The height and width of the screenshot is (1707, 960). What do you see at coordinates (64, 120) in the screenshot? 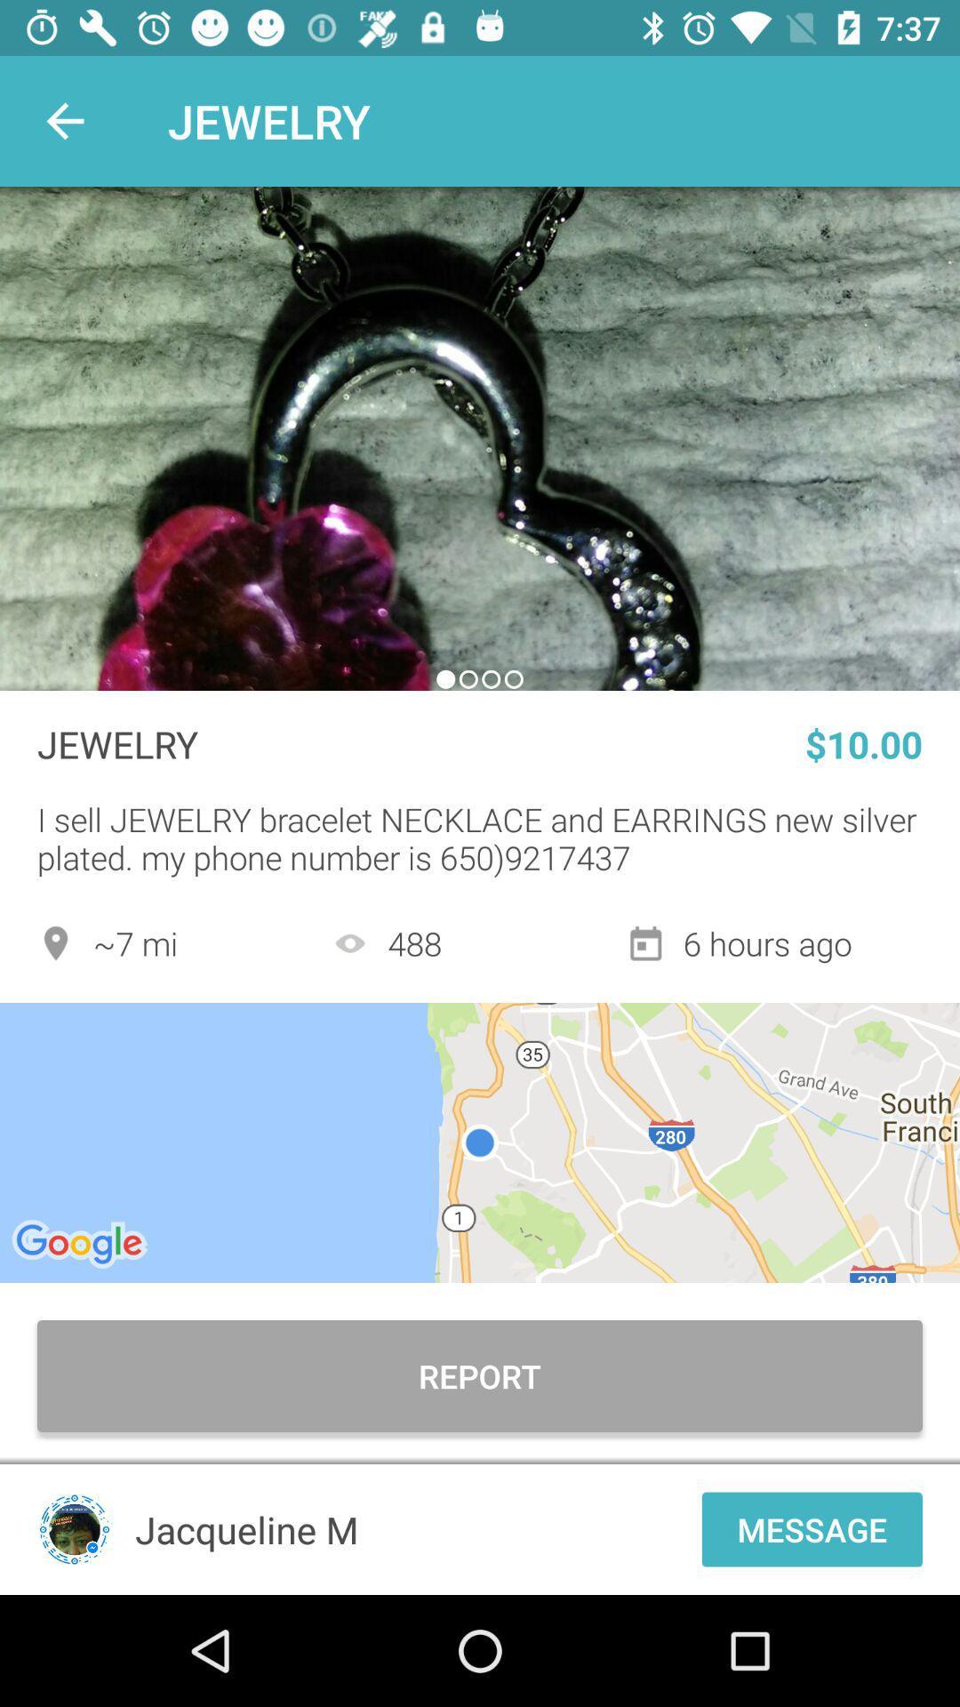
I see `item to the left of jewelry app` at bounding box center [64, 120].